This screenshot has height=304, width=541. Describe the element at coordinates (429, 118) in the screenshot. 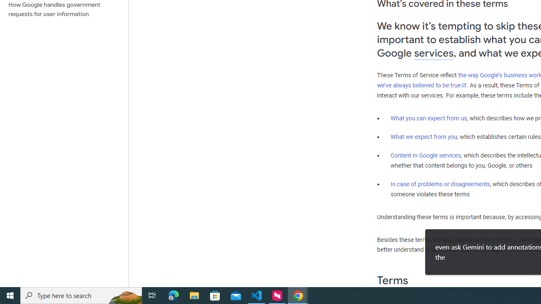

I see `'What you can expect from us'` at that location.